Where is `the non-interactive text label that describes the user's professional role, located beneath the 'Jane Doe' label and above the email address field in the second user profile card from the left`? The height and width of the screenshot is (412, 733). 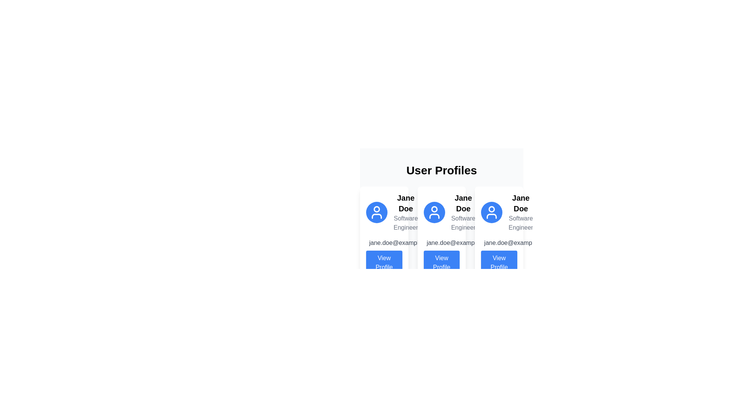
the non-interactive text label that describes the user's professional role, located beneath the 'Jane Doe' label and above the email address field in the second user profile card from the left is located at coordinates (463, 223).